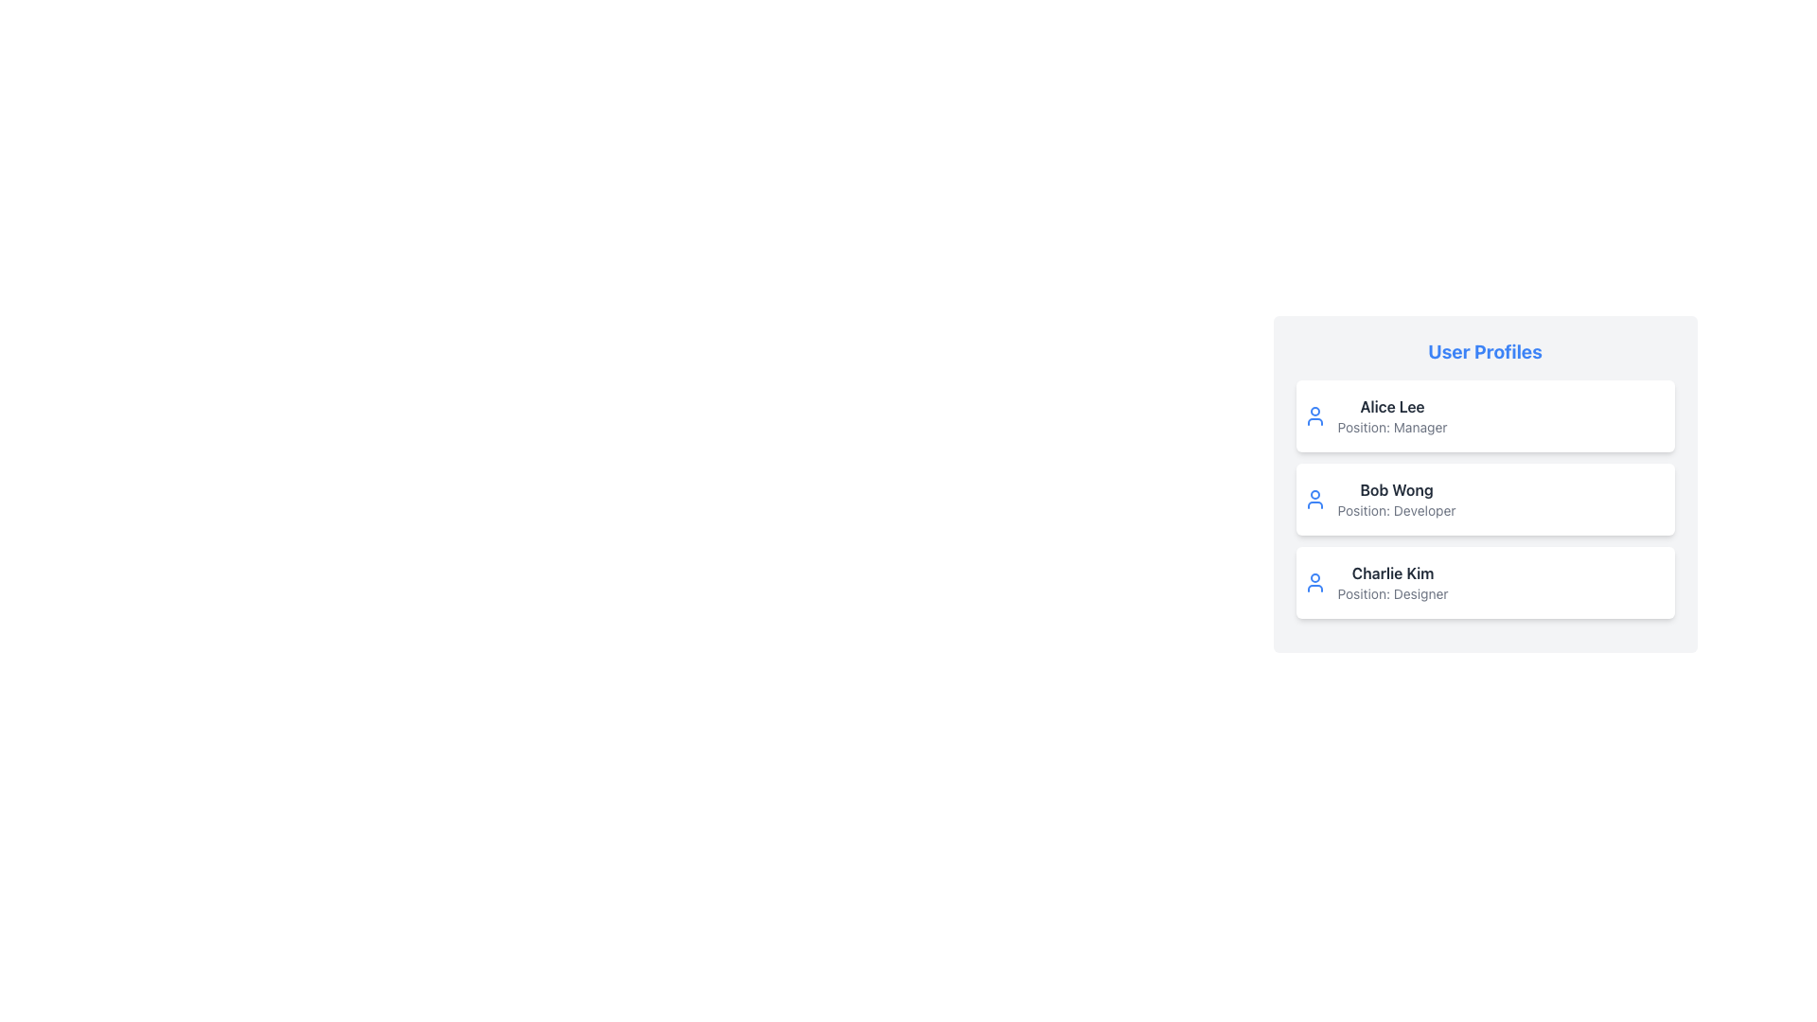 This screenshot has height=1022, width=1817. What do you see at coordinates (1397, 511) in the screenshot?
I see `the text label displaying 'Position: Developer' located in the second user profile card beneath 'Bob Wong'` at bounding box center [1397, 511].